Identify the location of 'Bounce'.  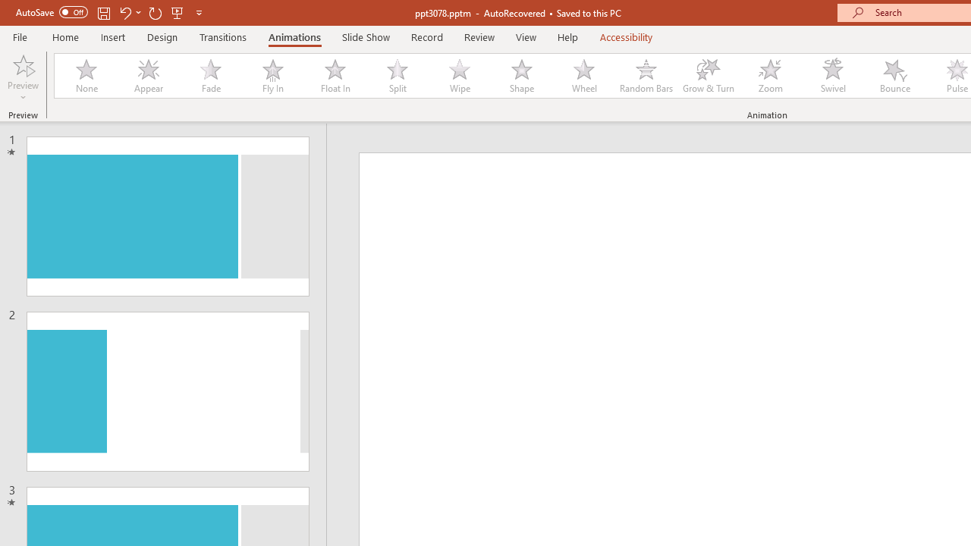
(895, 76).